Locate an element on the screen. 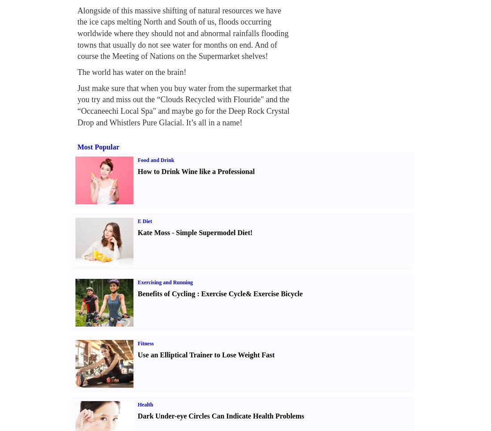 This screenshot has width=491, height=431. 'Alongside of this massive shifting of natural resources we have the ice caps melting North and South of us, floods occurring worldwide where they should not and abnormal rainfalls flooding towns that usually do not see water for months on end. And of course the Meeting of Nations on the Supermarket shelves!' is located at coordinates (183, 33).